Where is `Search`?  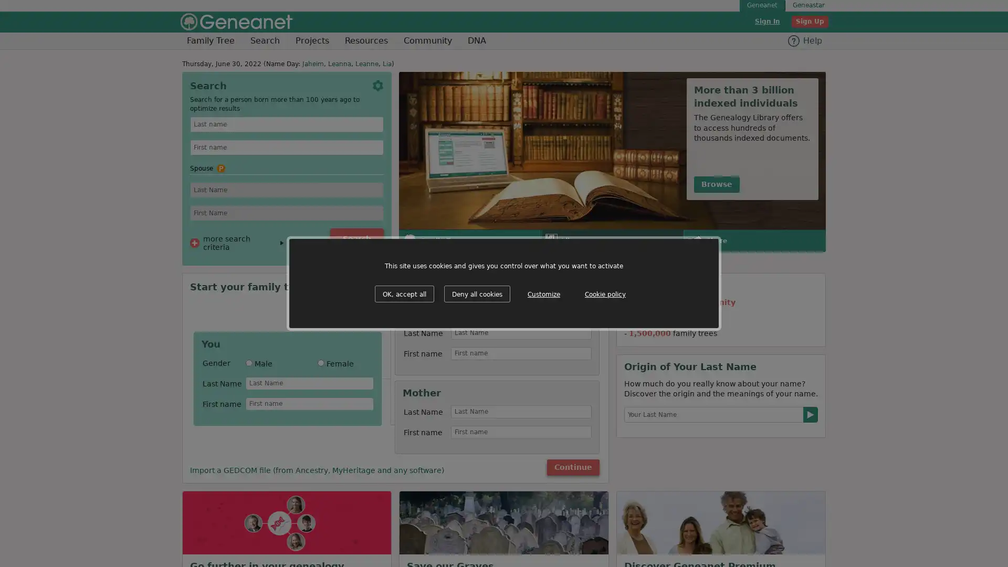 Search is located at coordinates (357, 239).